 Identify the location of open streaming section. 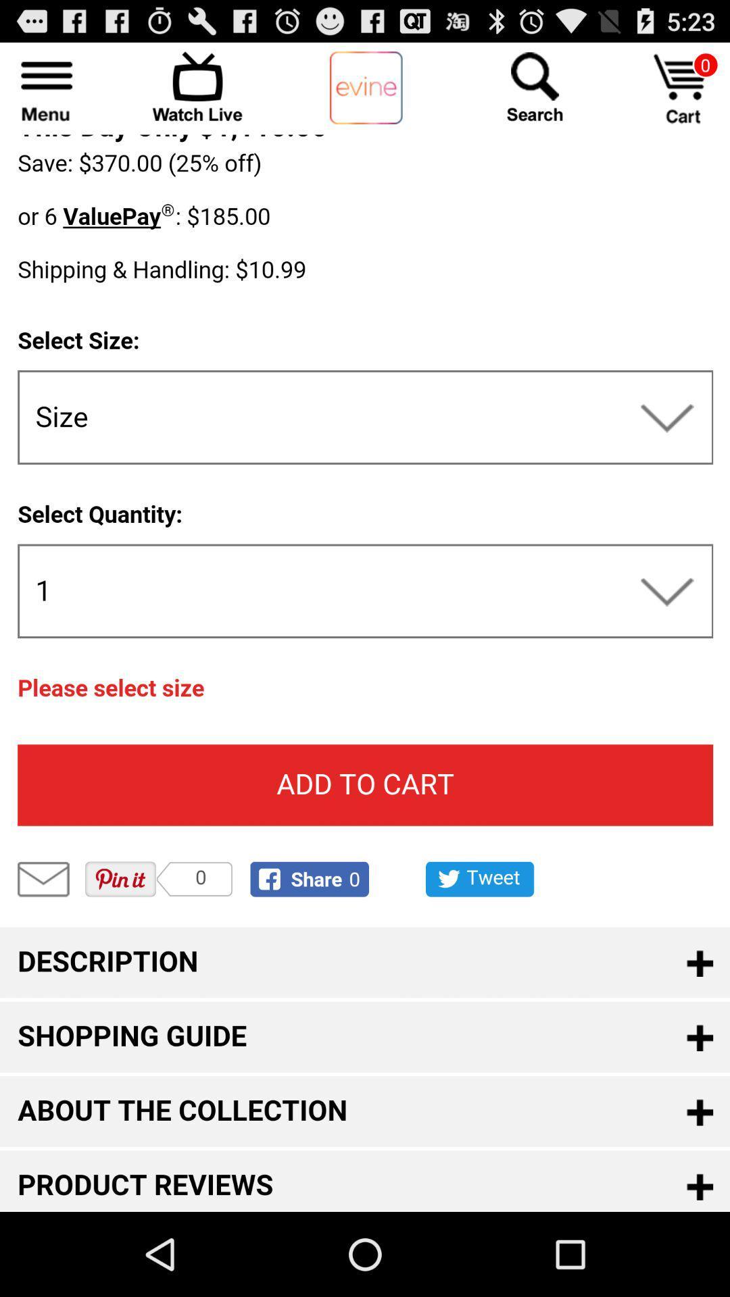
(197, 86).